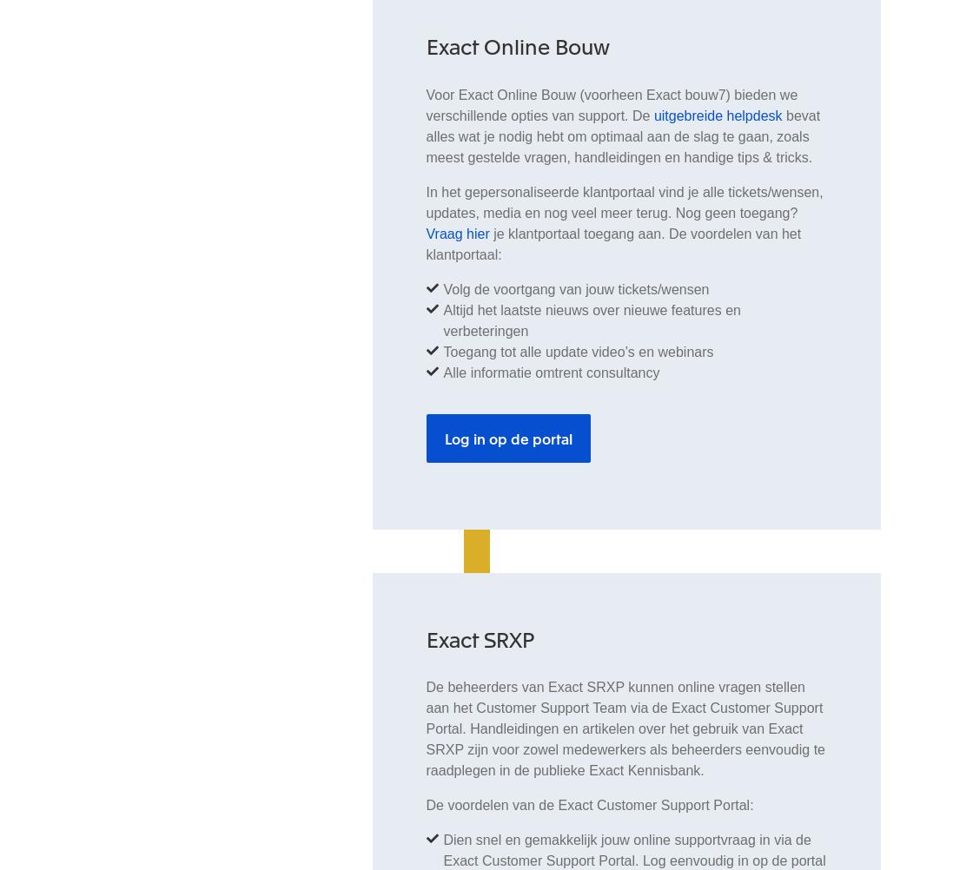 This screenshot has height=870, width=953. What do you see at coordinates (441, 371) in the screenshot?
I see `'Alle informatie omtrent consultancy'` at bounding box center [441, 371].